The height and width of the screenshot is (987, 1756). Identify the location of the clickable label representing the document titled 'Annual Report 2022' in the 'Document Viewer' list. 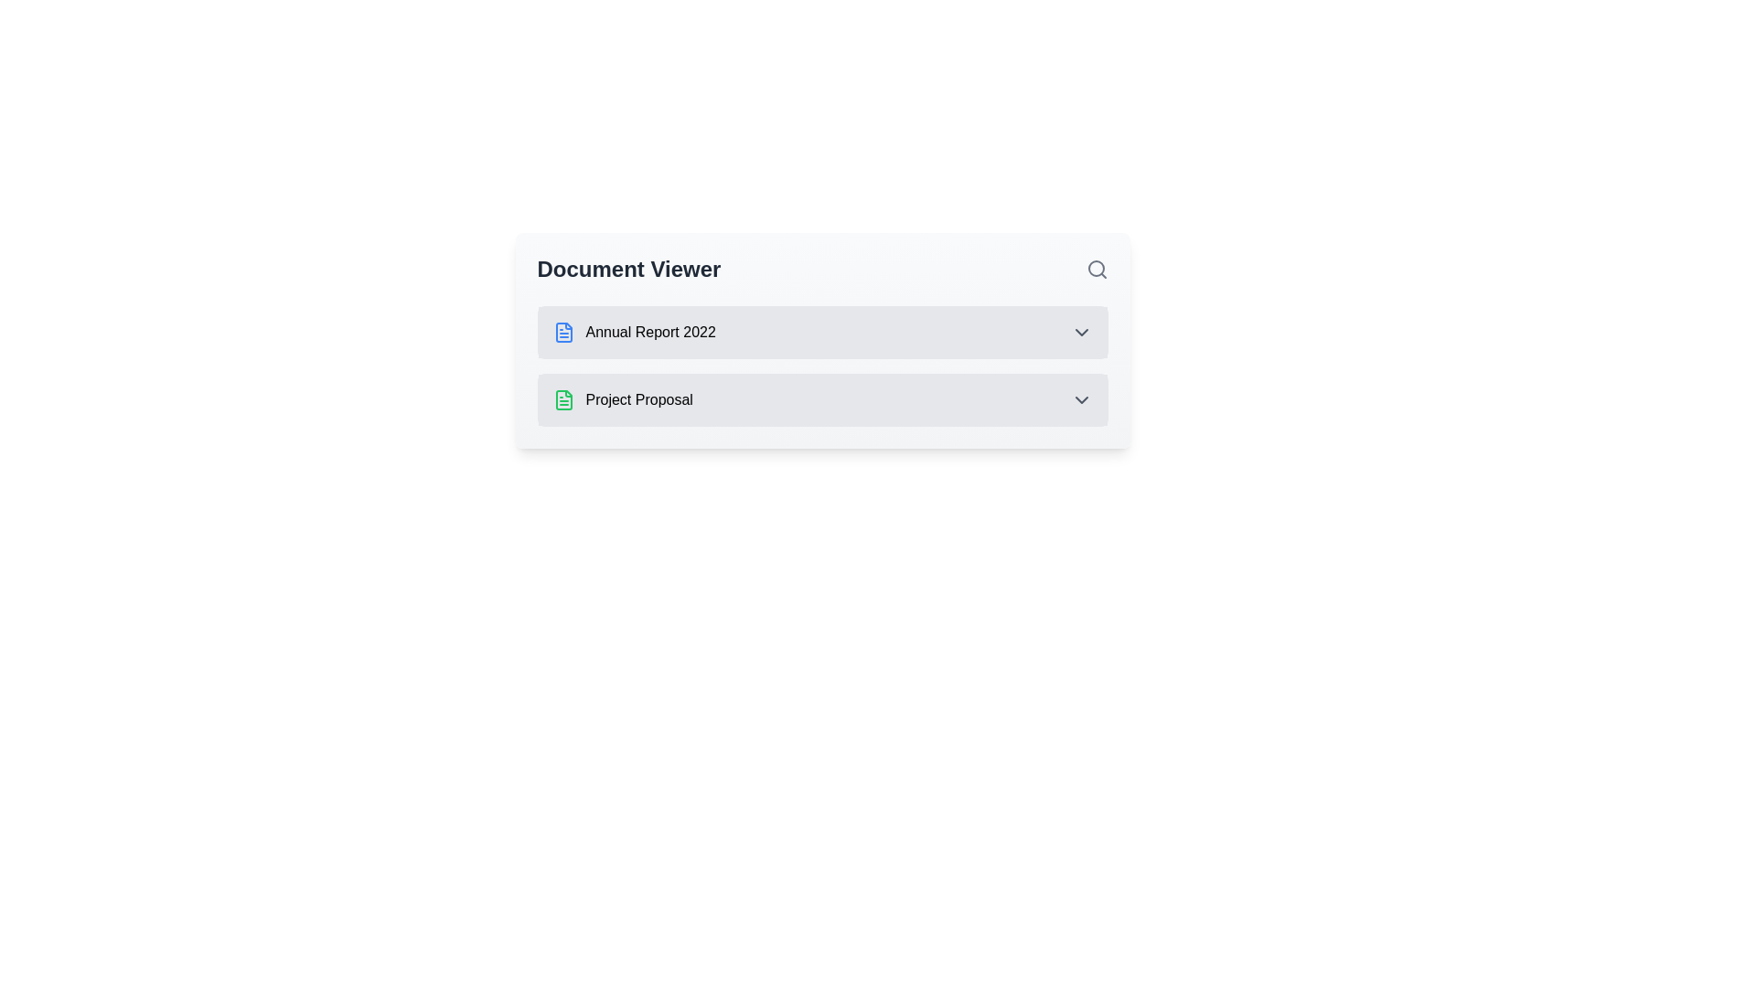
(634, 332).